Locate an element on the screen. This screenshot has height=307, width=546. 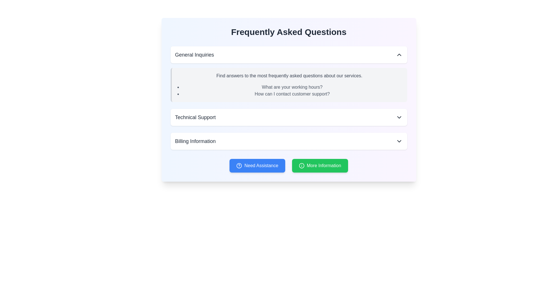
the static text that contains the question 'How can I contact customer support?' which is the second item in the bulleted list under 'General Inquiries.' is located at coordinates (292, 94).